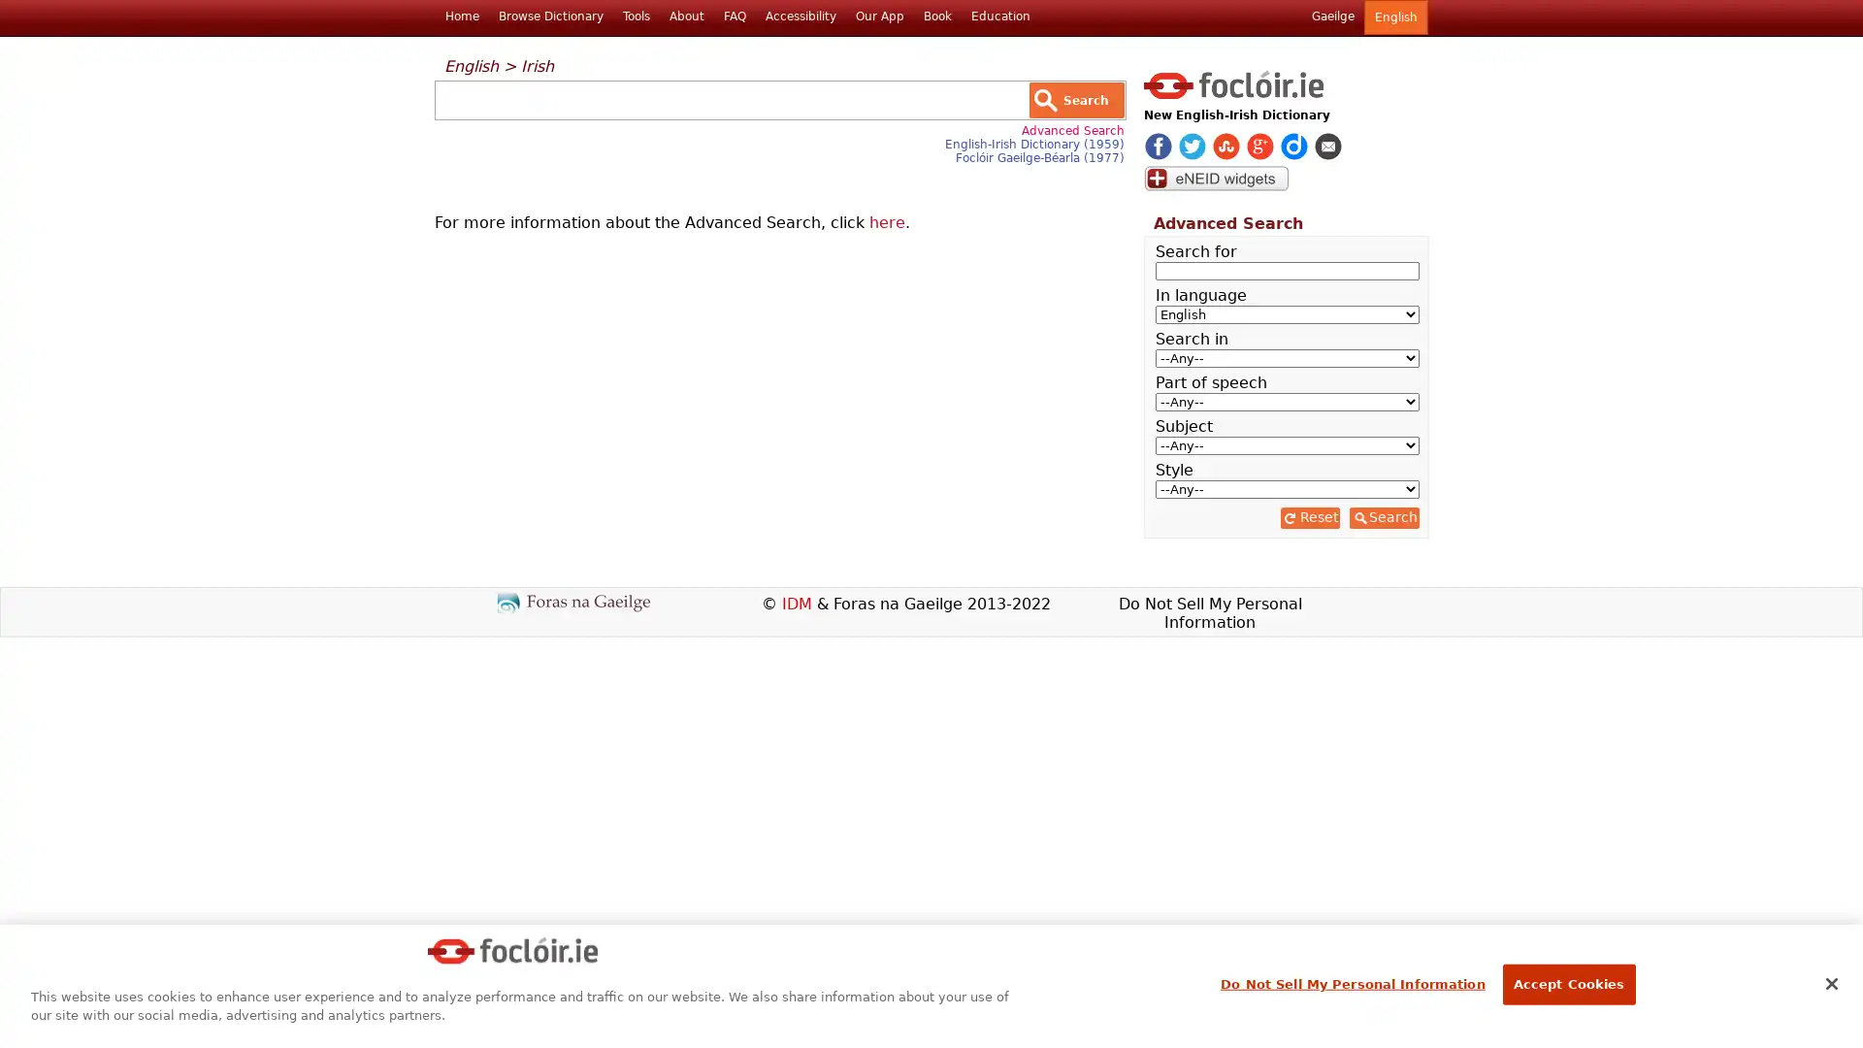 This screenshot has width=1863, height=1048. I want to click on Search, so click(1382, 516).